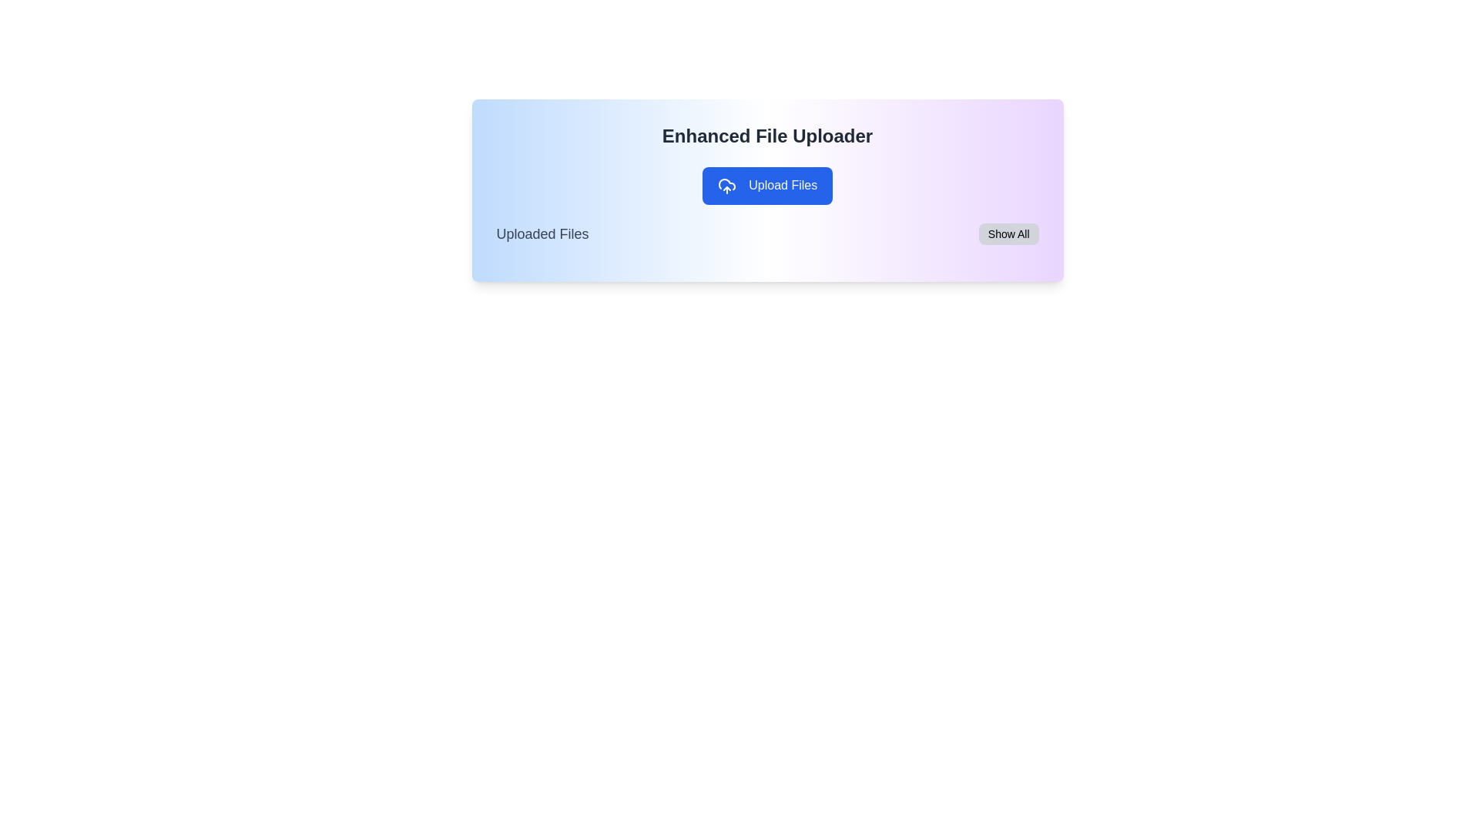 The height and width of the screenshot is (832, 1479). Describe the element at coordinates (767, 185) in the screenshot. I see `the 'Upload Files' button, which has a light blue background that darkens on hover and features a cloud upload icon to the left of the text` at that location.